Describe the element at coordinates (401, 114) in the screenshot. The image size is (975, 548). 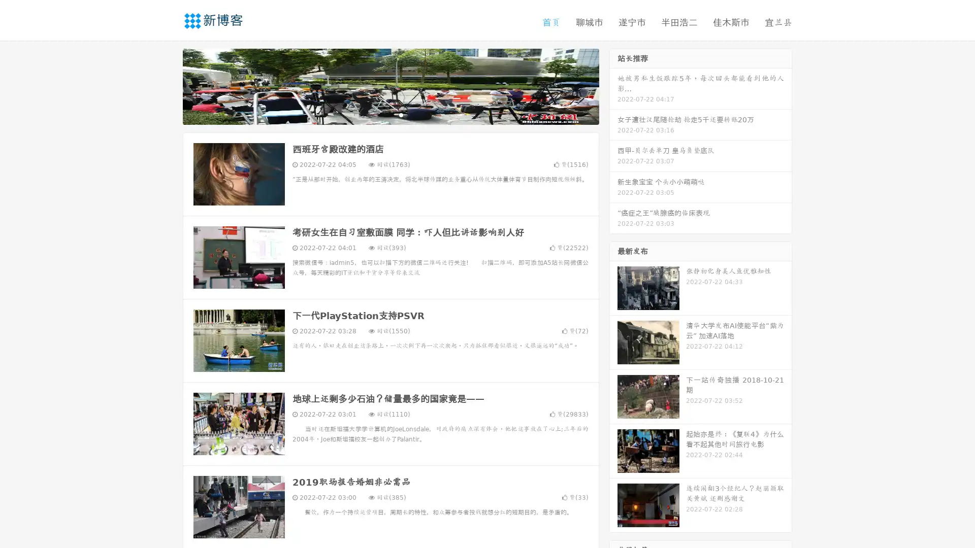
I see `Go to slide 3` at that location.